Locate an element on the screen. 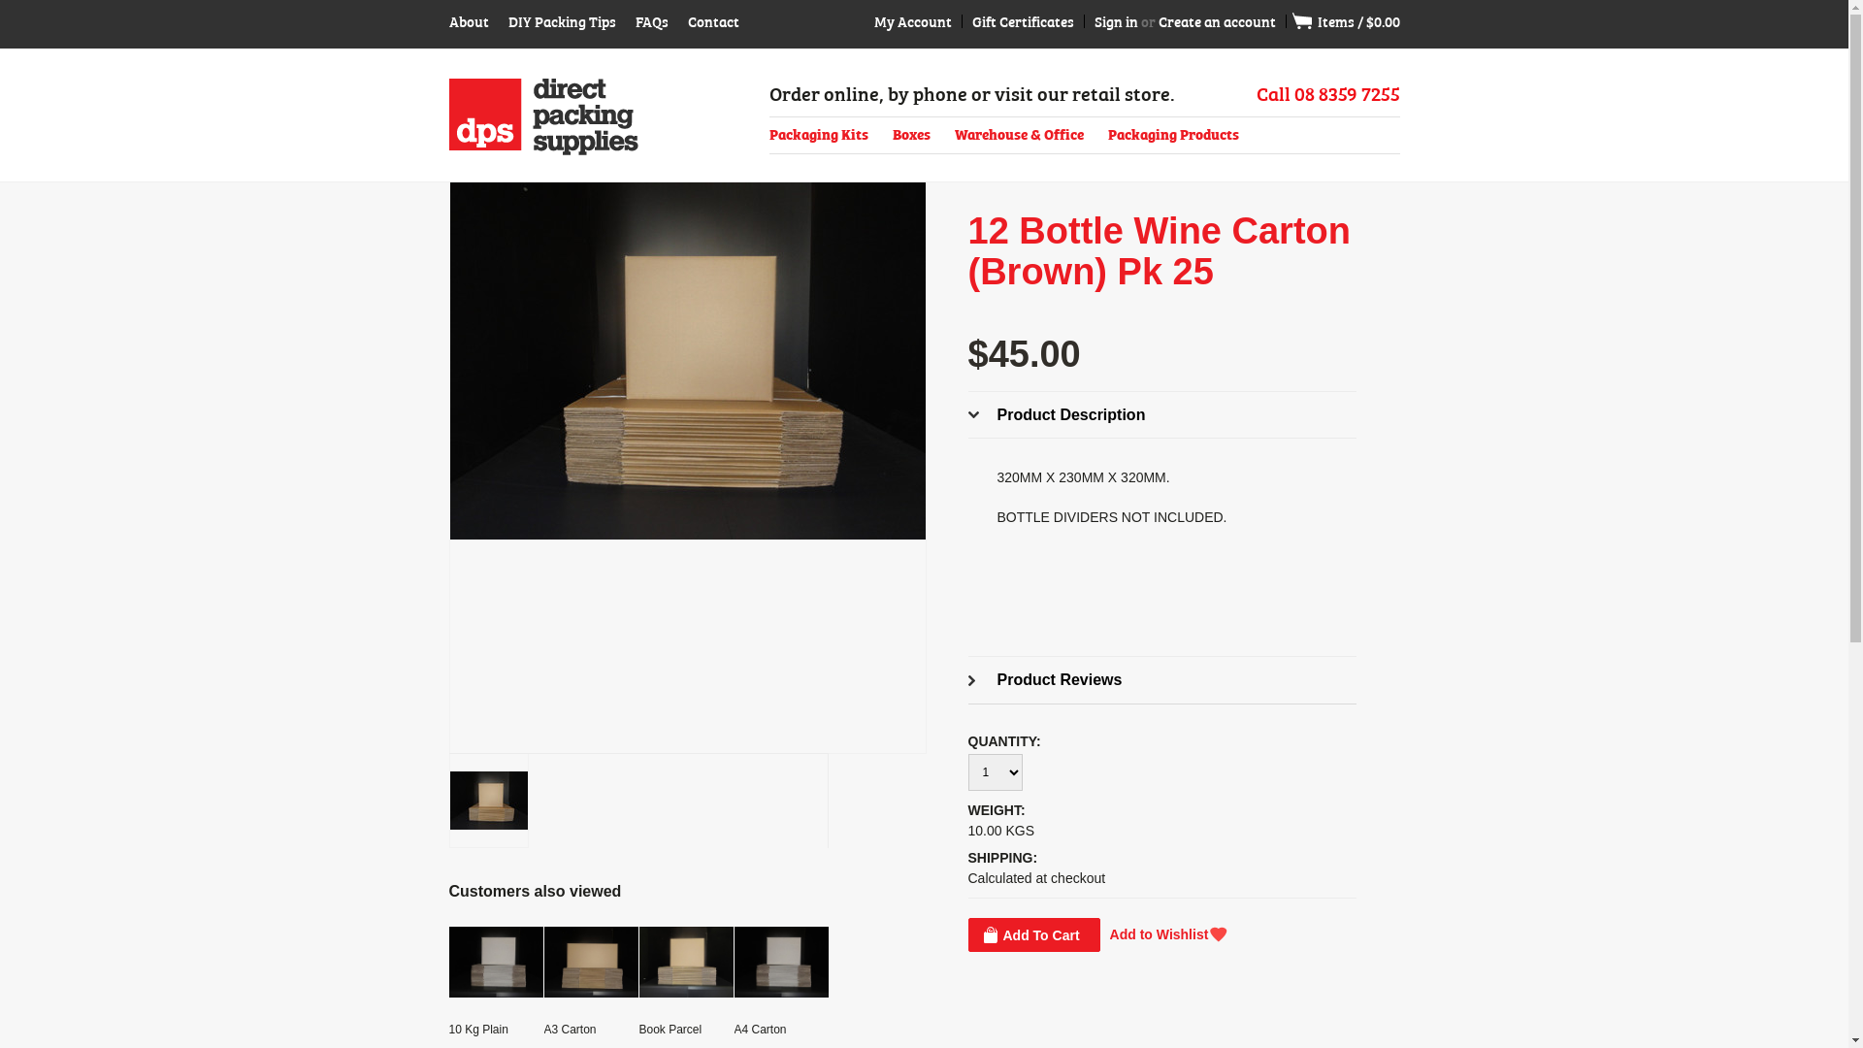  'Contact' is located at coordinates (711, 20).